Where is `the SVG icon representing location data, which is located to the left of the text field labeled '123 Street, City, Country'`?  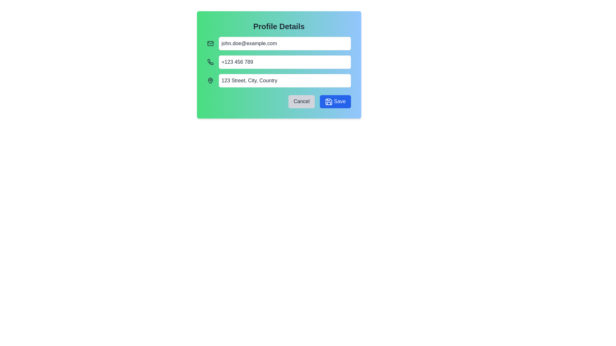
the SVG icon representing location data, which is located to the left of the text field labeled '123 Street, City, Country' is located at coordinates (210, 80).